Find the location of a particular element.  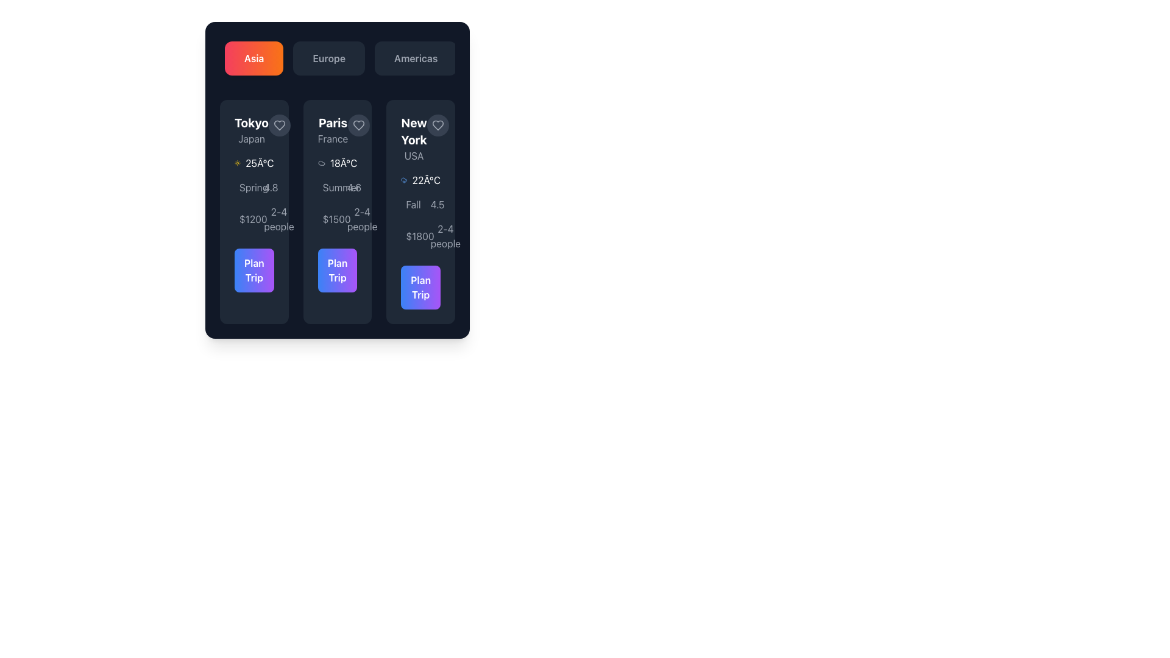

the temperature display '18°C' next to the cloud icon within the 'Paris, France' card, located towards the center of the card is located at coordinates (337, 162).